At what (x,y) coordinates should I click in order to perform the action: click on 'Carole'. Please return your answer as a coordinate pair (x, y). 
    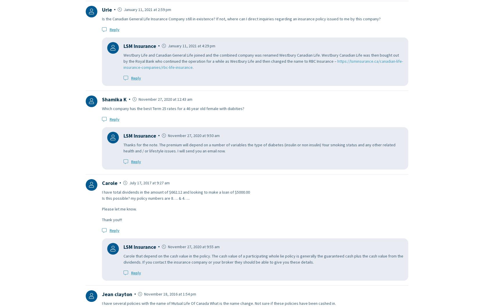
    Looking at the image, I should click on (109, 182).